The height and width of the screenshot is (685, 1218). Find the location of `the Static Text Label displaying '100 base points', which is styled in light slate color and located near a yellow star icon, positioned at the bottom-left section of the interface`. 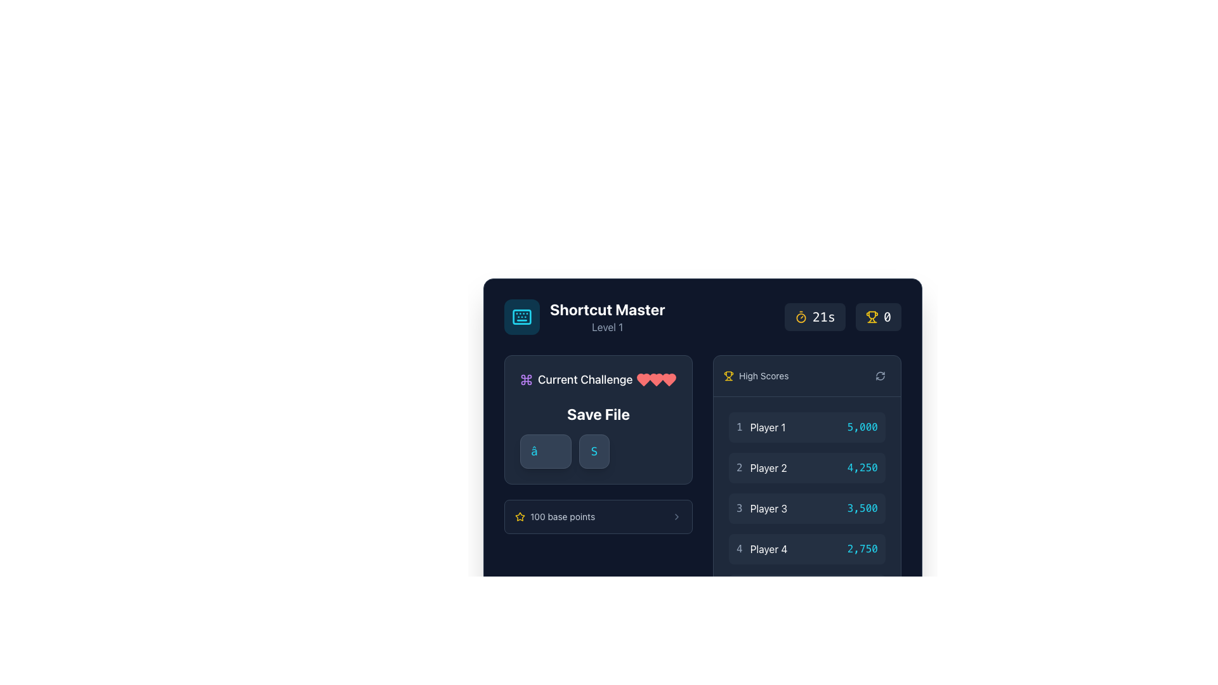

the Static Text Label displaying '100 base points', which is styled in light slate color and located near a yellow star icon, positioned at the bottom-left section of the interface is located at coordinates (562, 516).